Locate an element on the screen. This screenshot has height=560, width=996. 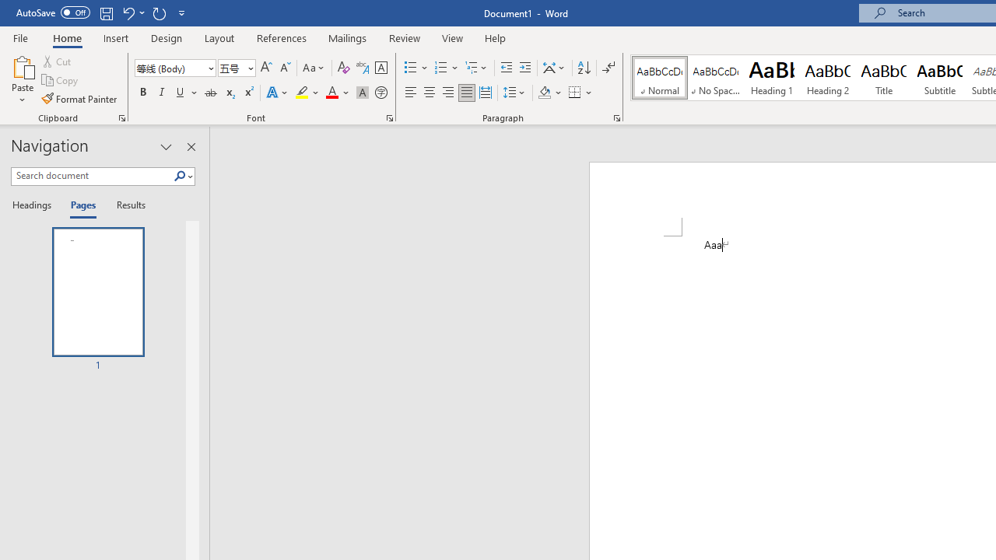
'Repeat Increase Indent' is located at coordinates (159, 12).